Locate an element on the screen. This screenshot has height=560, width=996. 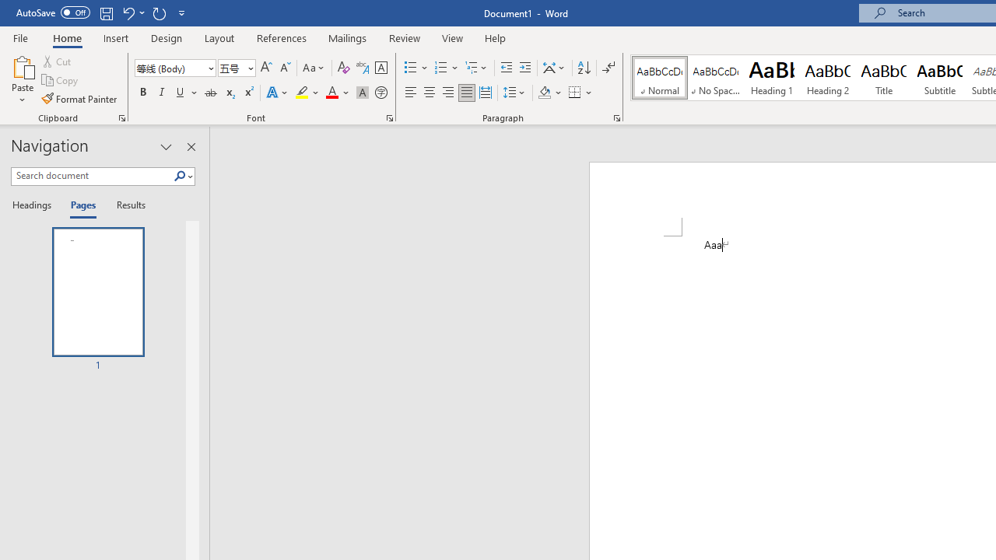
'Repeat Increase Indent' is located at coordinates (159, 12).